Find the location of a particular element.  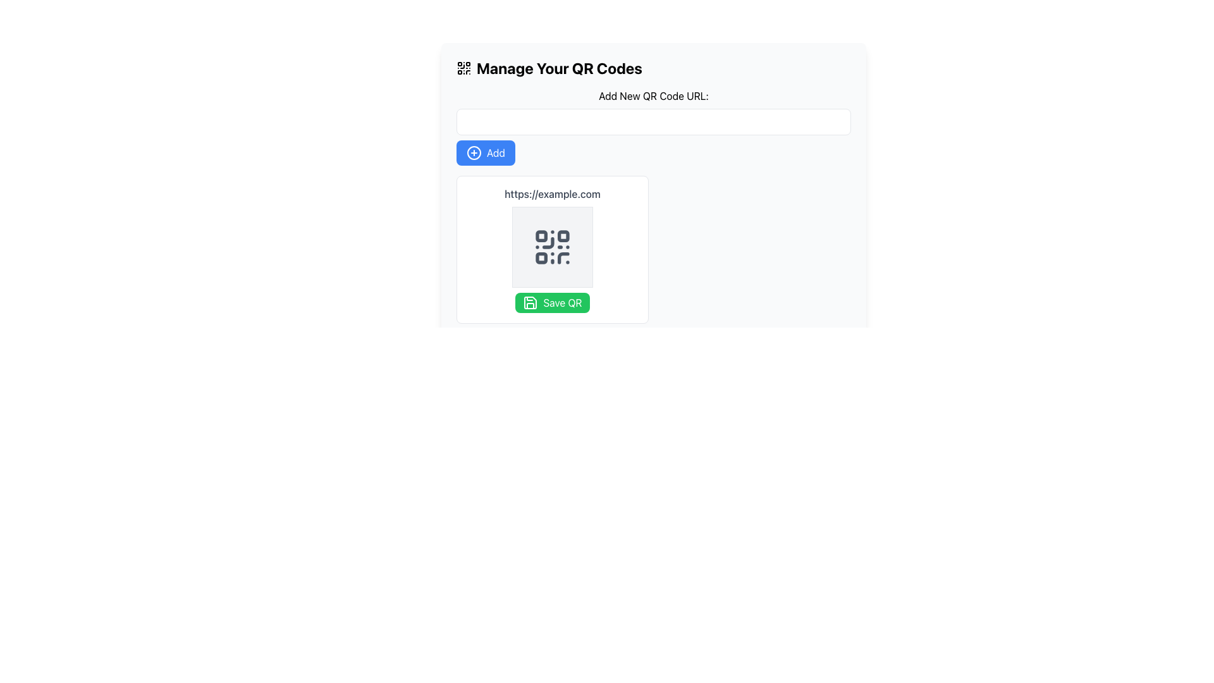

the QR code icon located centrally beneath the text 'https://example.com' and above the green 'Save QR' button is located at coordinates (552, 247).